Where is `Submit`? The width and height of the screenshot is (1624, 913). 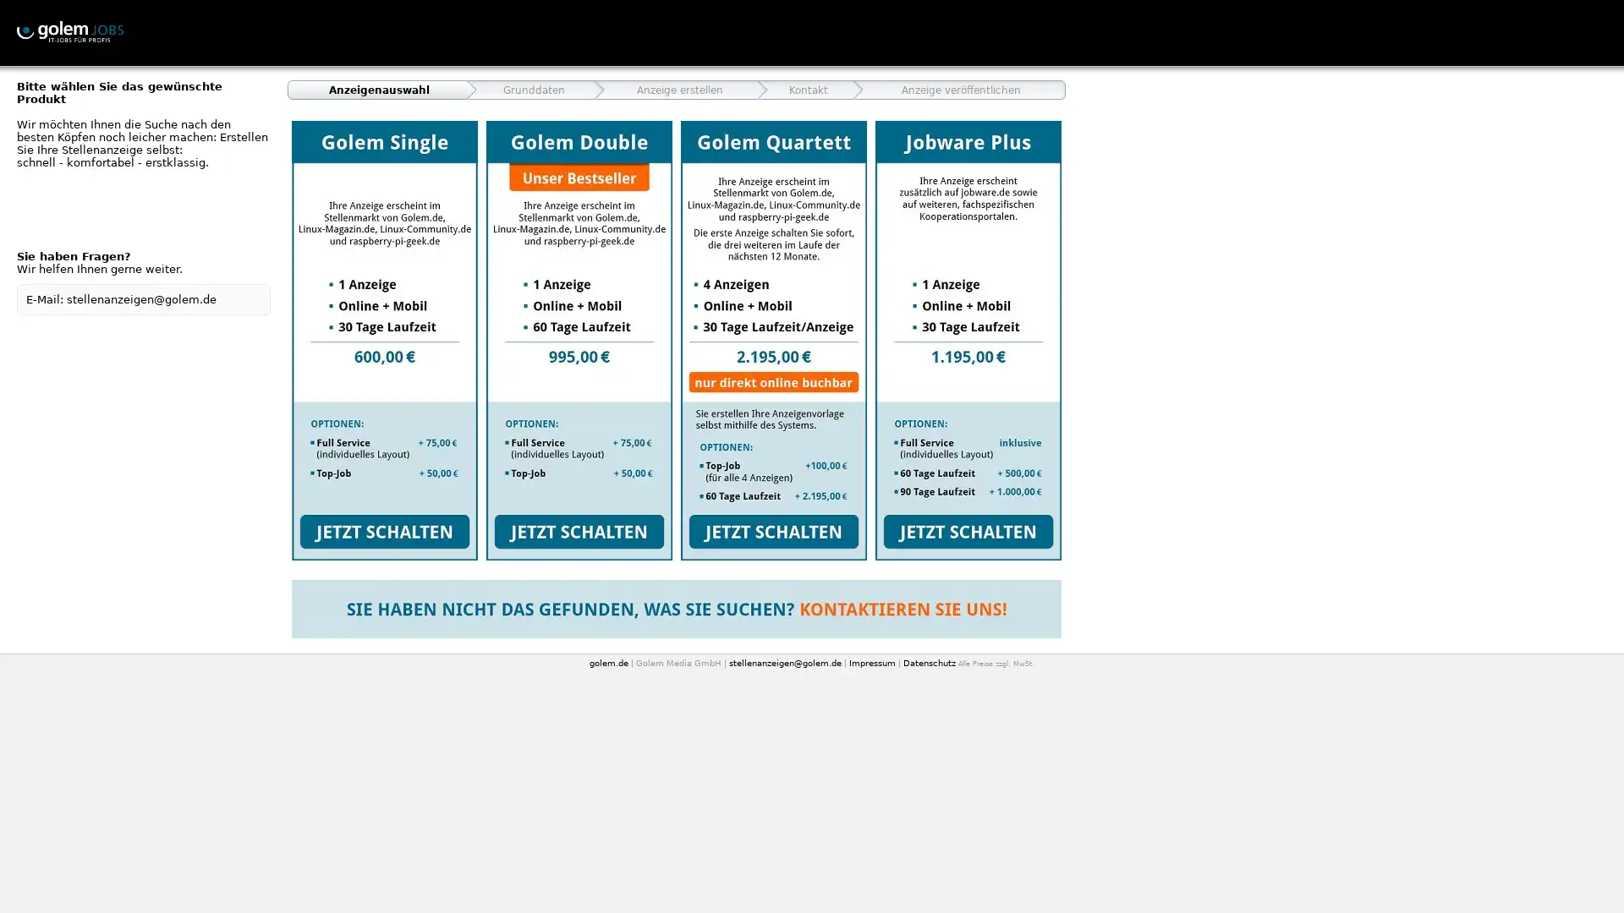
Submit is located at coordinates (968, 340).